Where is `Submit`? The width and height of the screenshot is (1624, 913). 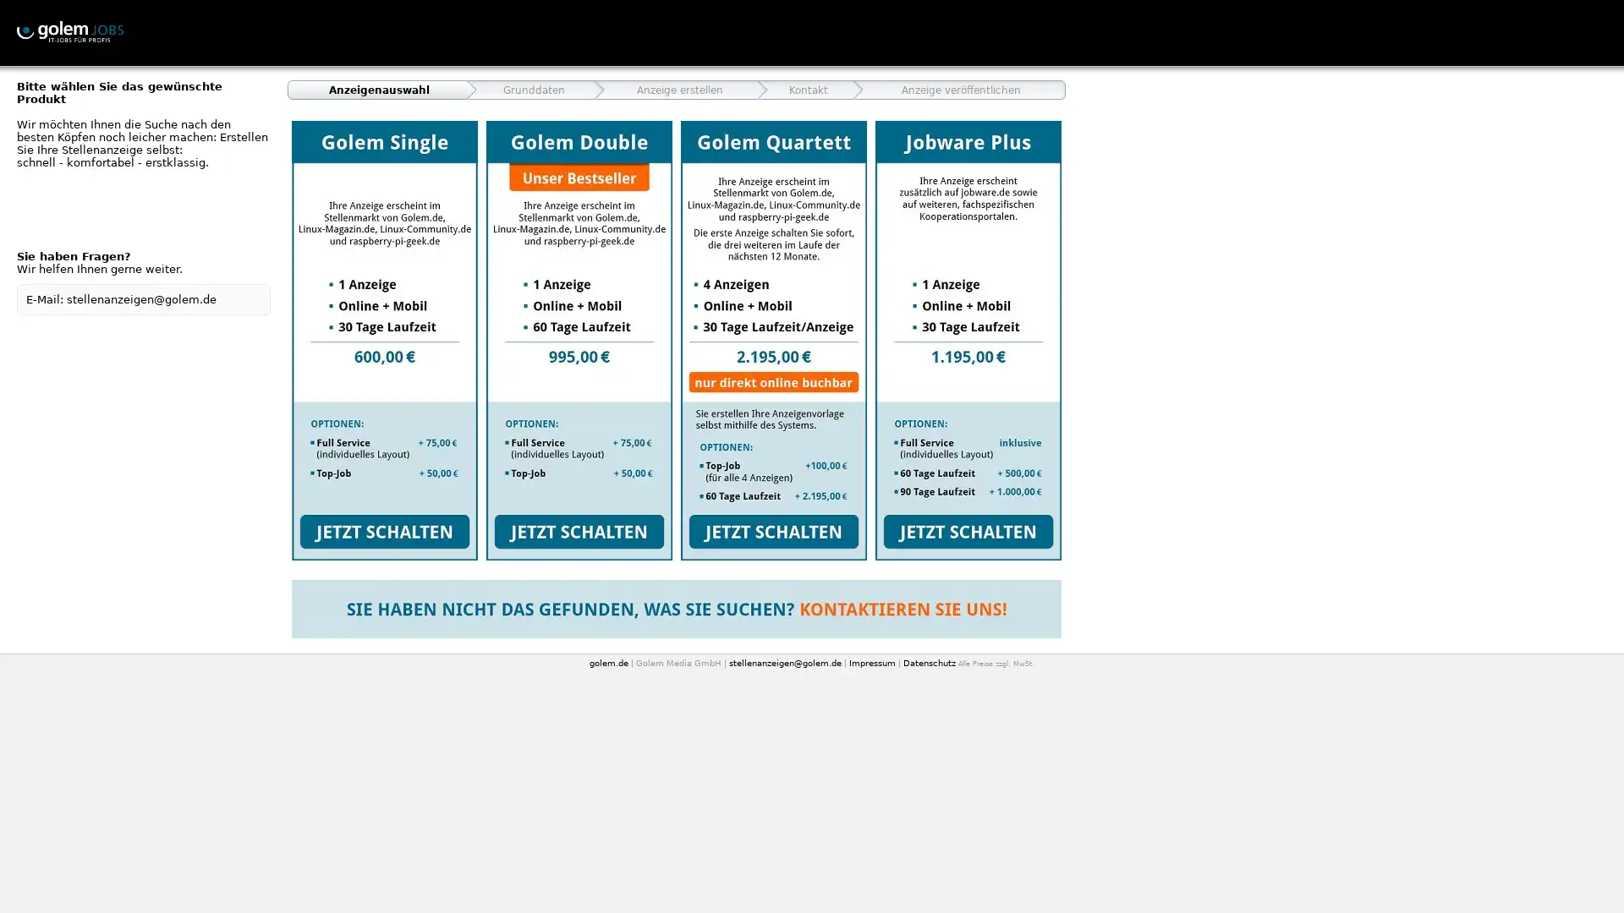
Submit is located at coordinates (968, 340).